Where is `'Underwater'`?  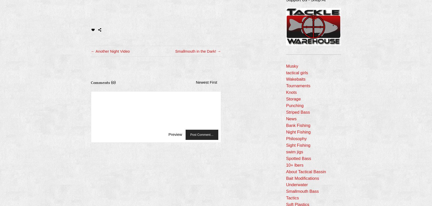 'Underwater' is located at coordinates (296, 184).